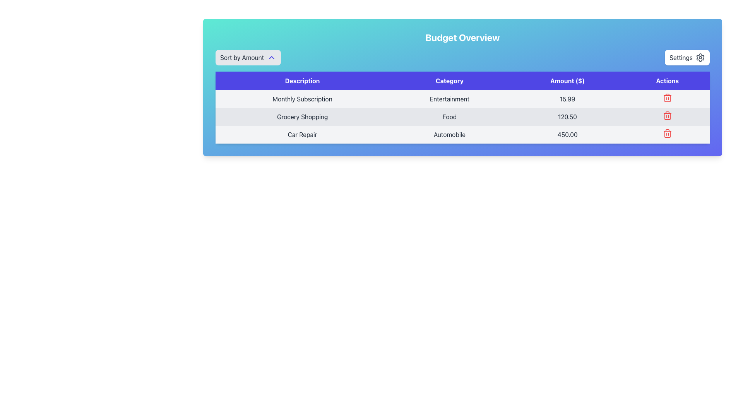  I want to click on text label in the second row under the 'Description' column, which identifies the type of expenditure or task, so click(302, 116).